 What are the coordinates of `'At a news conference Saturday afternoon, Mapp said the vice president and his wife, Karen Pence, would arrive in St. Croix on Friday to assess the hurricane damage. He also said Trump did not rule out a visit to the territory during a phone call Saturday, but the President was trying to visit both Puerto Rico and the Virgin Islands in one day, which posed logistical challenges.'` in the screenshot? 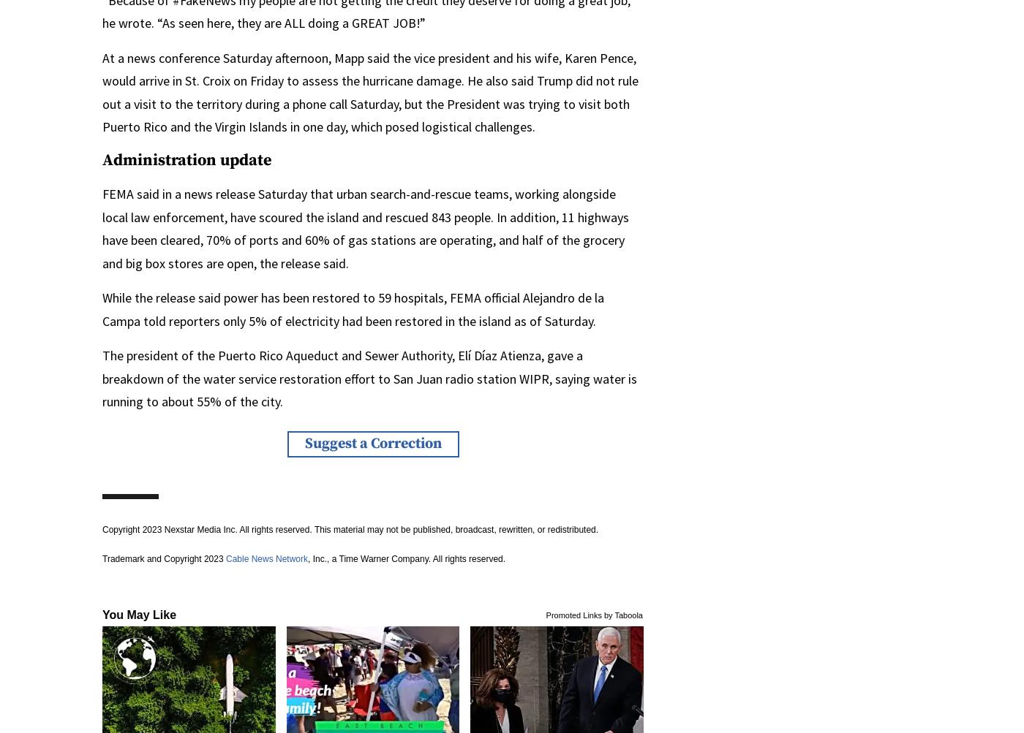 It's located at (370, 91).